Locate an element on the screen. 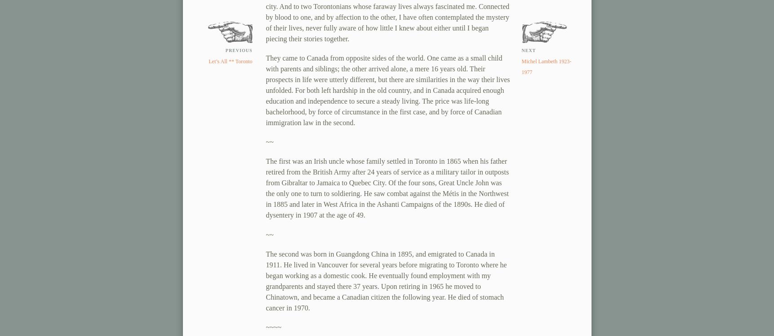 This screenshot has width=774, height=336. 'next' is located at coordinates (528, 50).